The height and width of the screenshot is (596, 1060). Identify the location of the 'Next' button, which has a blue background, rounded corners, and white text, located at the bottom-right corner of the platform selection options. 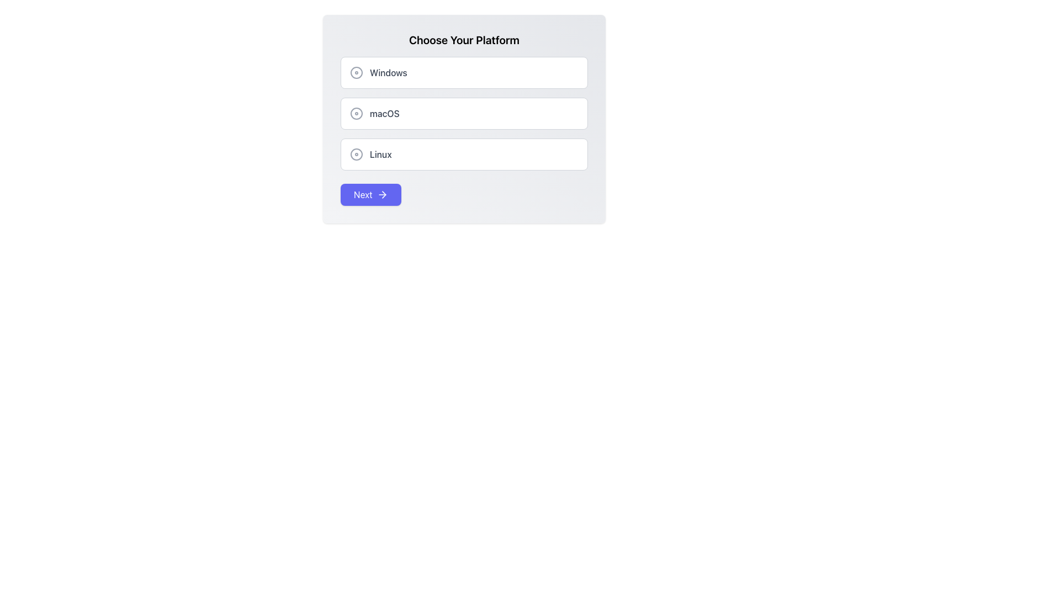
(370, 194).